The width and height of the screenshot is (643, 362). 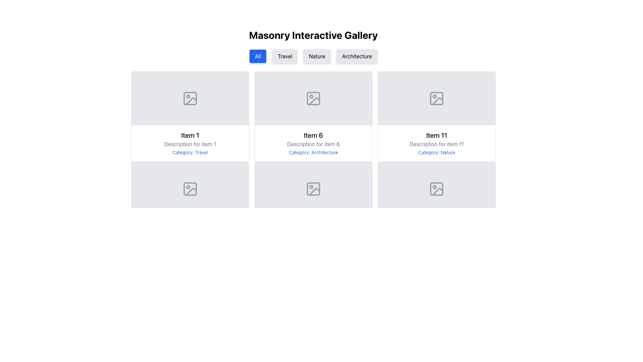 What do you see at coordinates (437, 98) in the screenshot?
I see `the Placeholder Icon located in the second row of the third column labeled 'Item 11' to interact with it` at bounding box center [437, 98].